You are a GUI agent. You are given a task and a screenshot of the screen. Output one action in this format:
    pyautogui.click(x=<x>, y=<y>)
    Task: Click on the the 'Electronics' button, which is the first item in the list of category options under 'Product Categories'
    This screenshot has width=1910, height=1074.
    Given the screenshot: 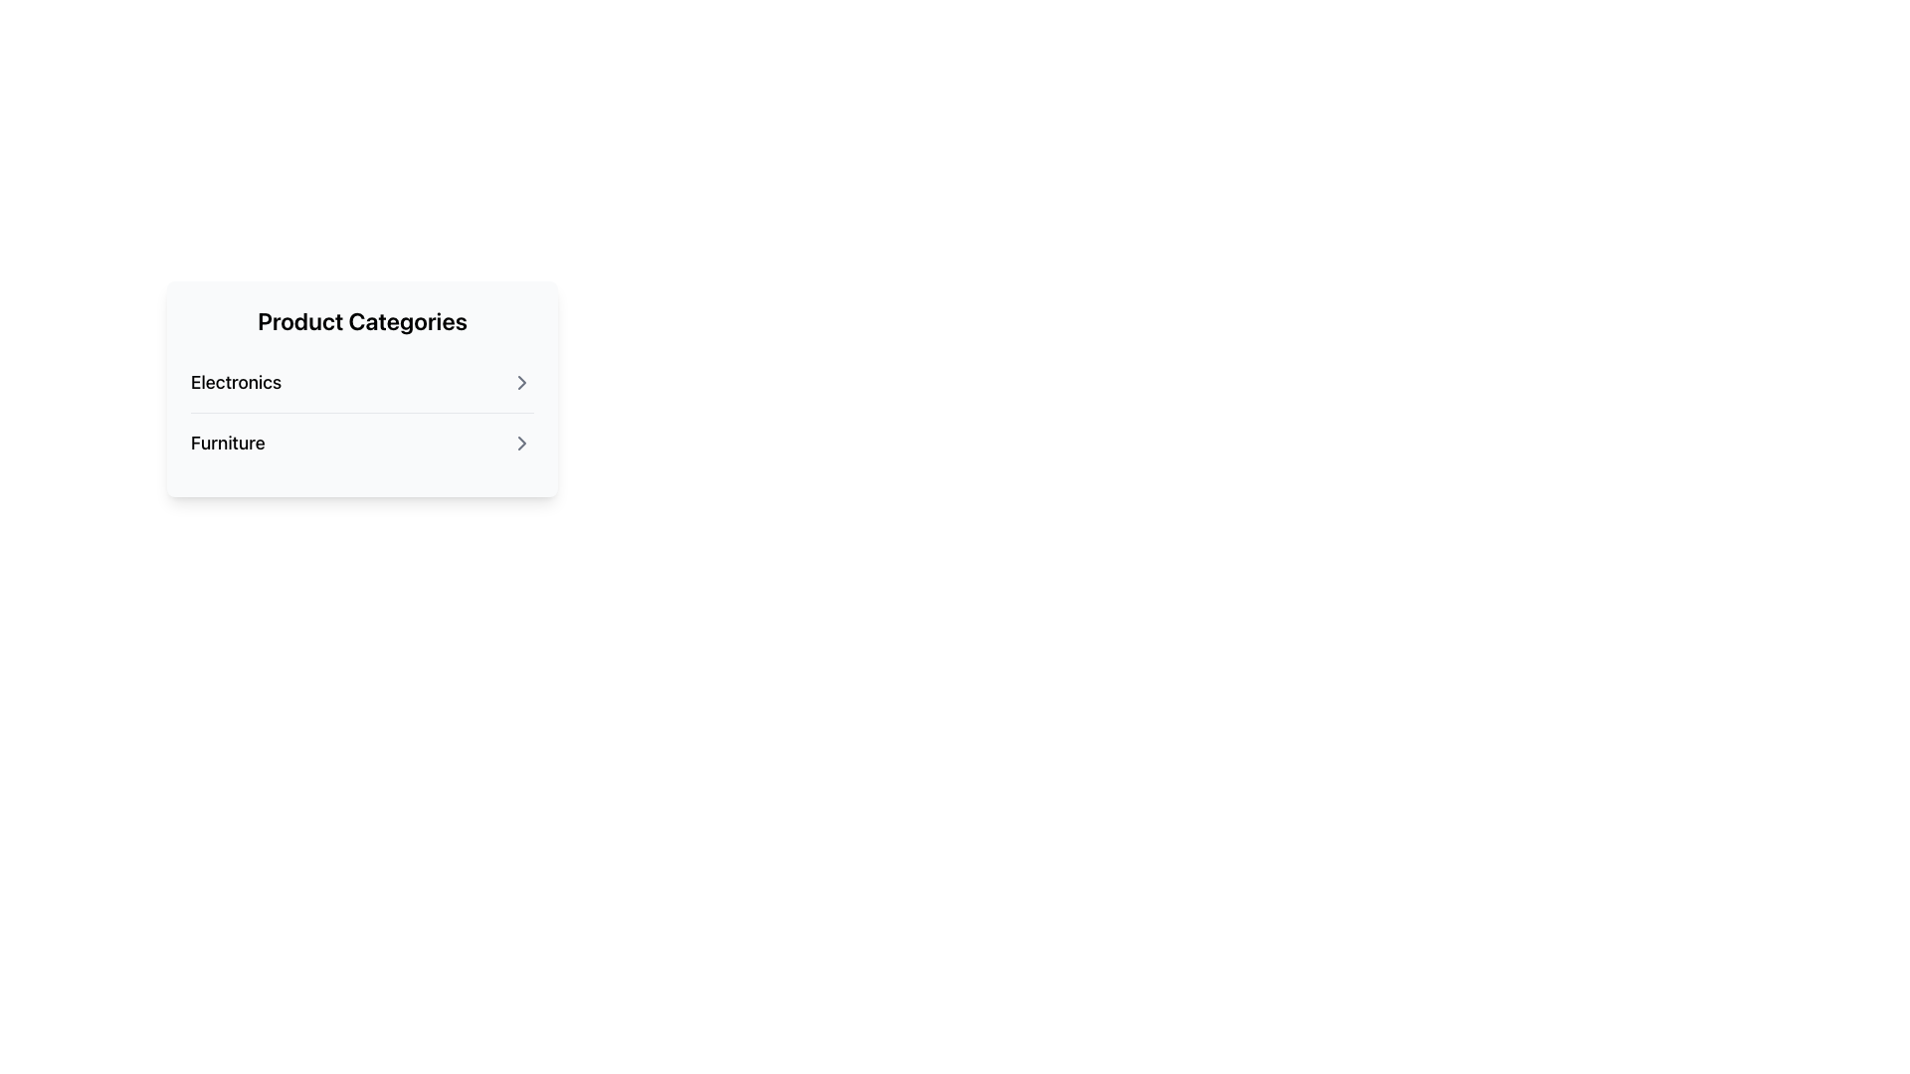 What is the action you would take?
    pyautogui.click(x=362, y=383)
    